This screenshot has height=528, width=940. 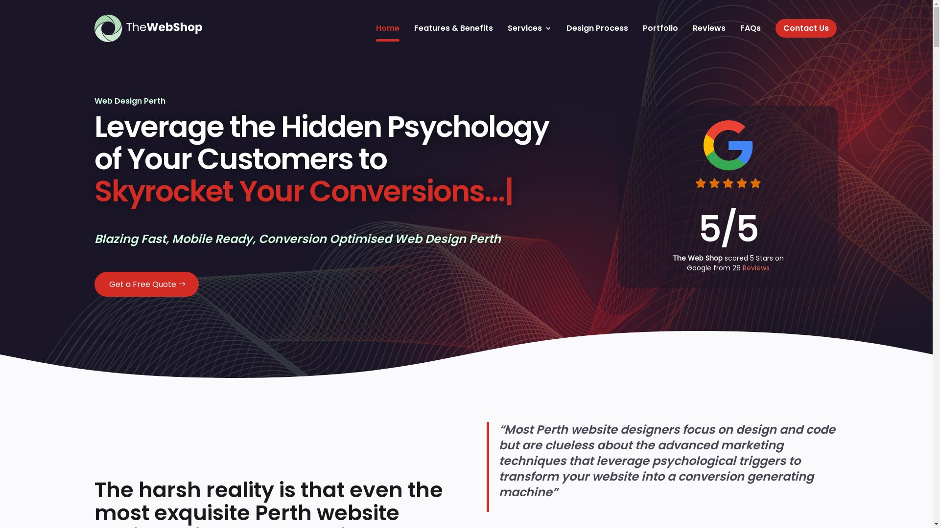 I want to click on 'Services', so click(x=528, y=27).